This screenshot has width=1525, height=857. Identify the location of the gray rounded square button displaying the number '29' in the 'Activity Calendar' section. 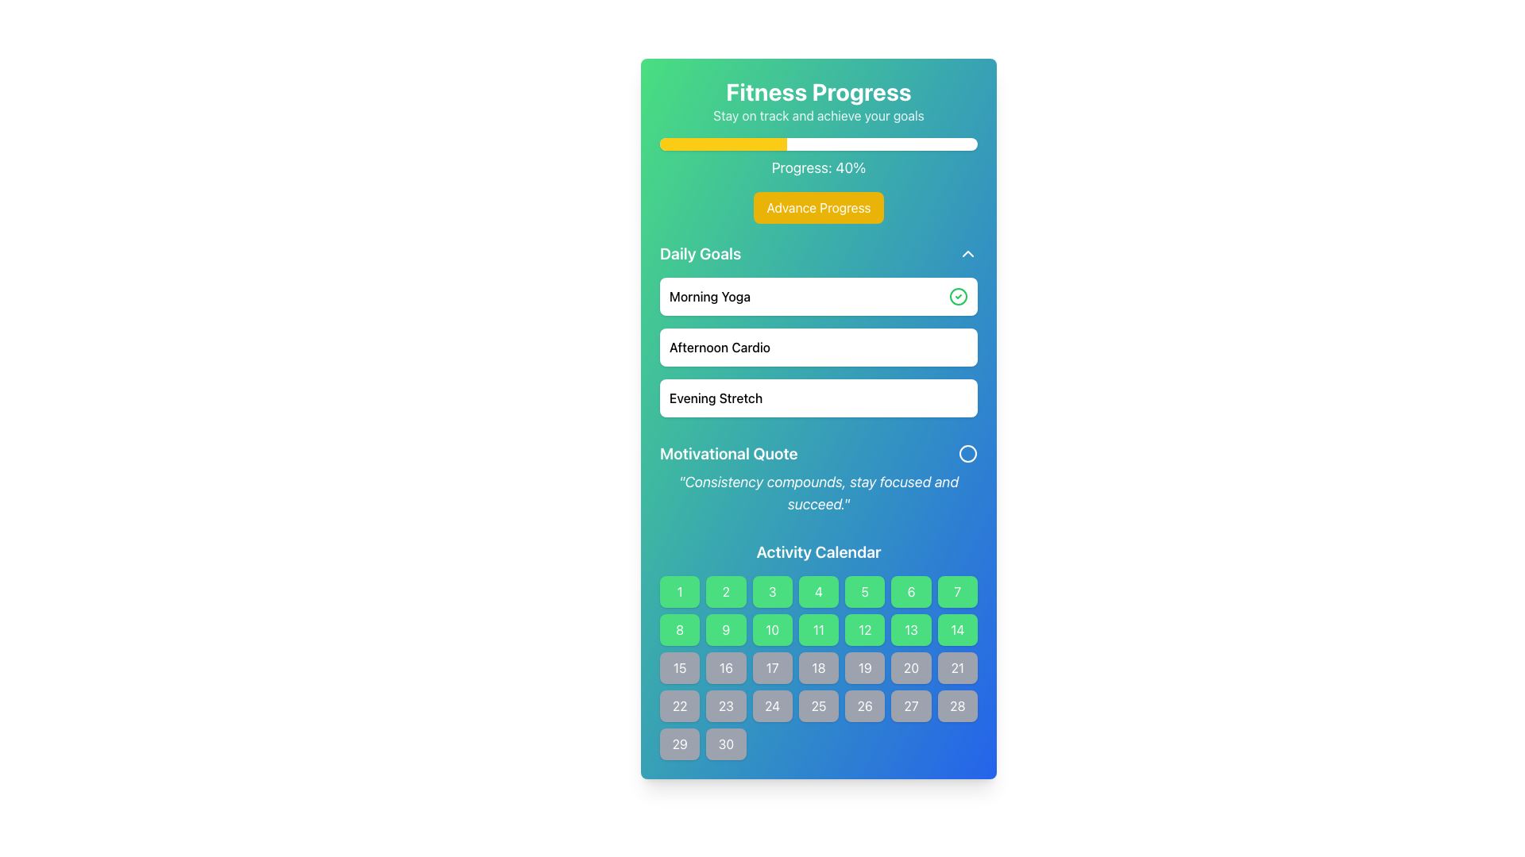
(680, 744).